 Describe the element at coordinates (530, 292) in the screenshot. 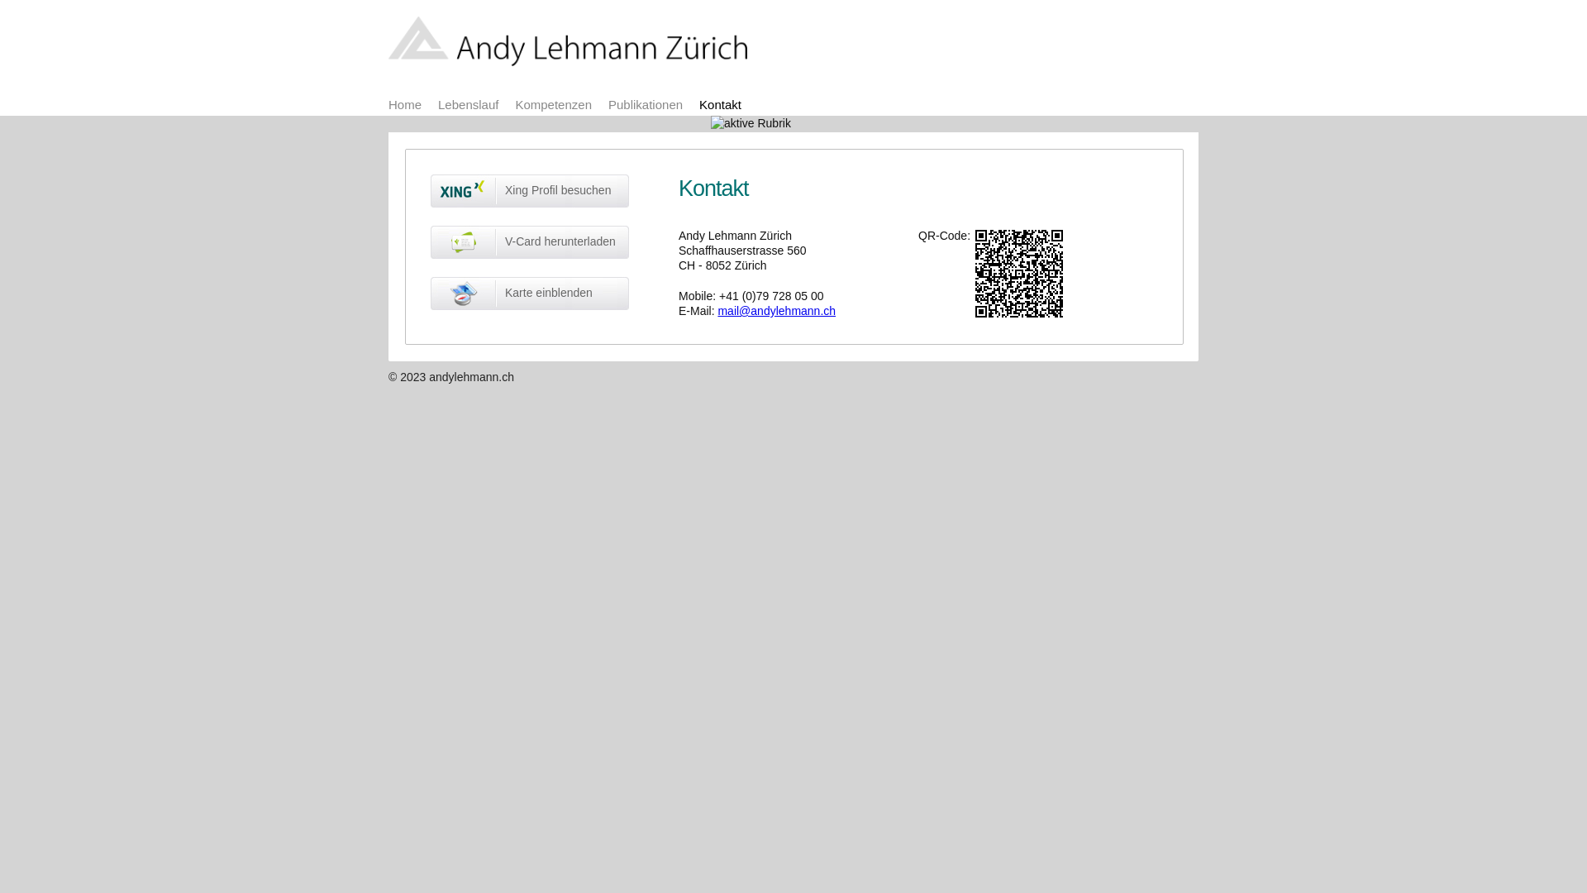

I see `'Karte einblenden'` at that location.